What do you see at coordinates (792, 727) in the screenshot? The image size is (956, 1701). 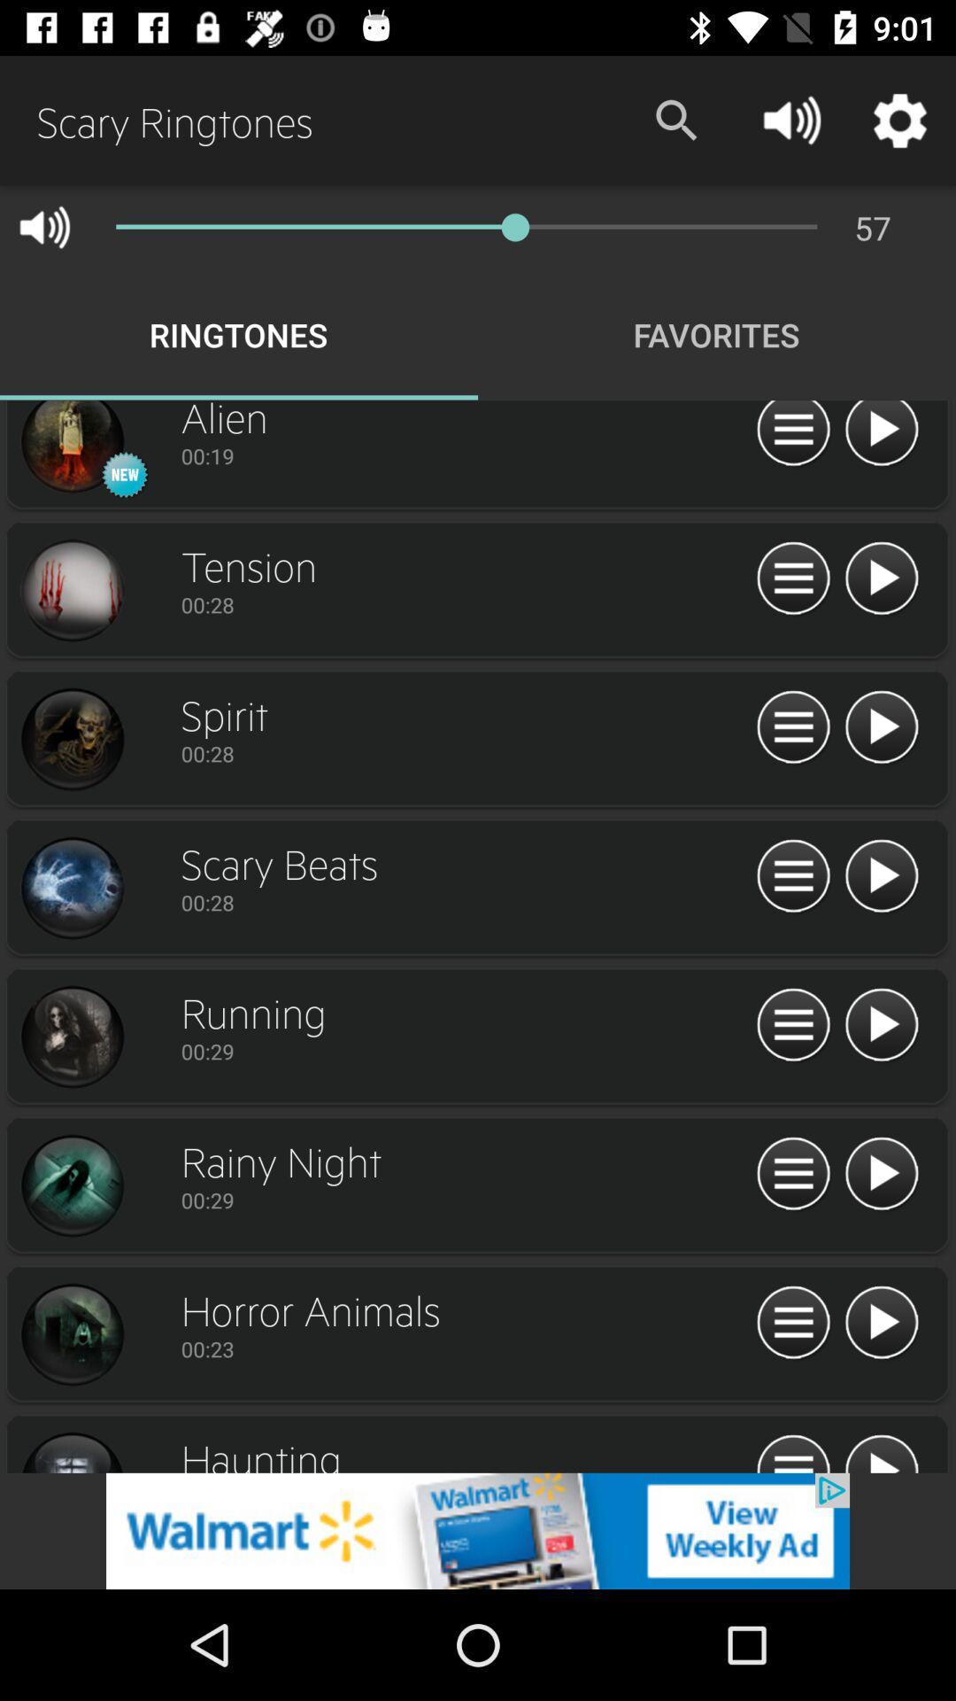 I see `show menu` at bounding box center [792, 727].